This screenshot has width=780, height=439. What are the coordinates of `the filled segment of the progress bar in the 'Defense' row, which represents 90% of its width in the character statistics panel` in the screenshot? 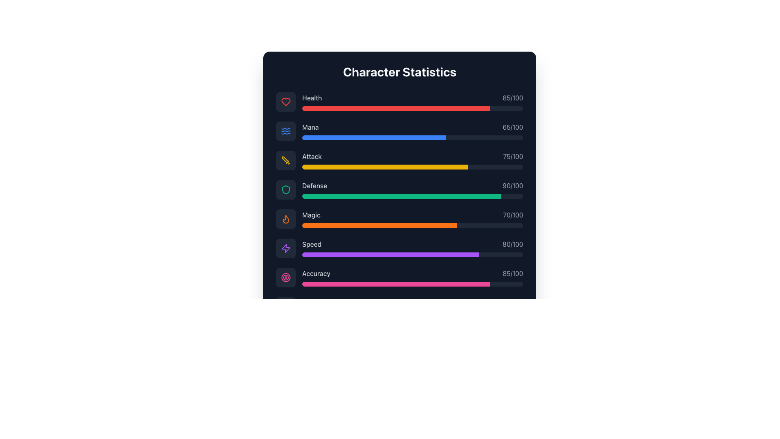 It's located at (401, 196).